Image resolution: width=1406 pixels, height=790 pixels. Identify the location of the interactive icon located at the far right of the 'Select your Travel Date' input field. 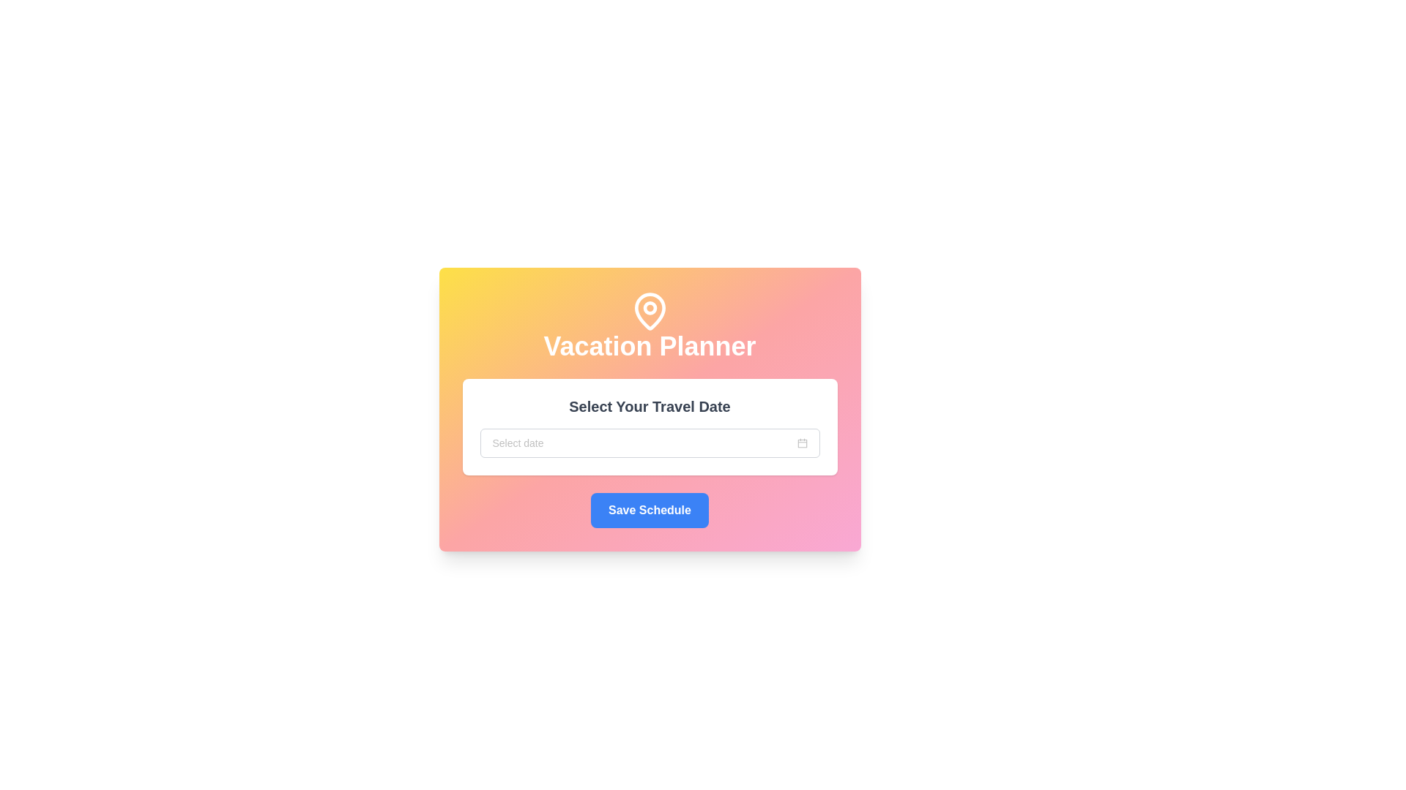
(801, 442).